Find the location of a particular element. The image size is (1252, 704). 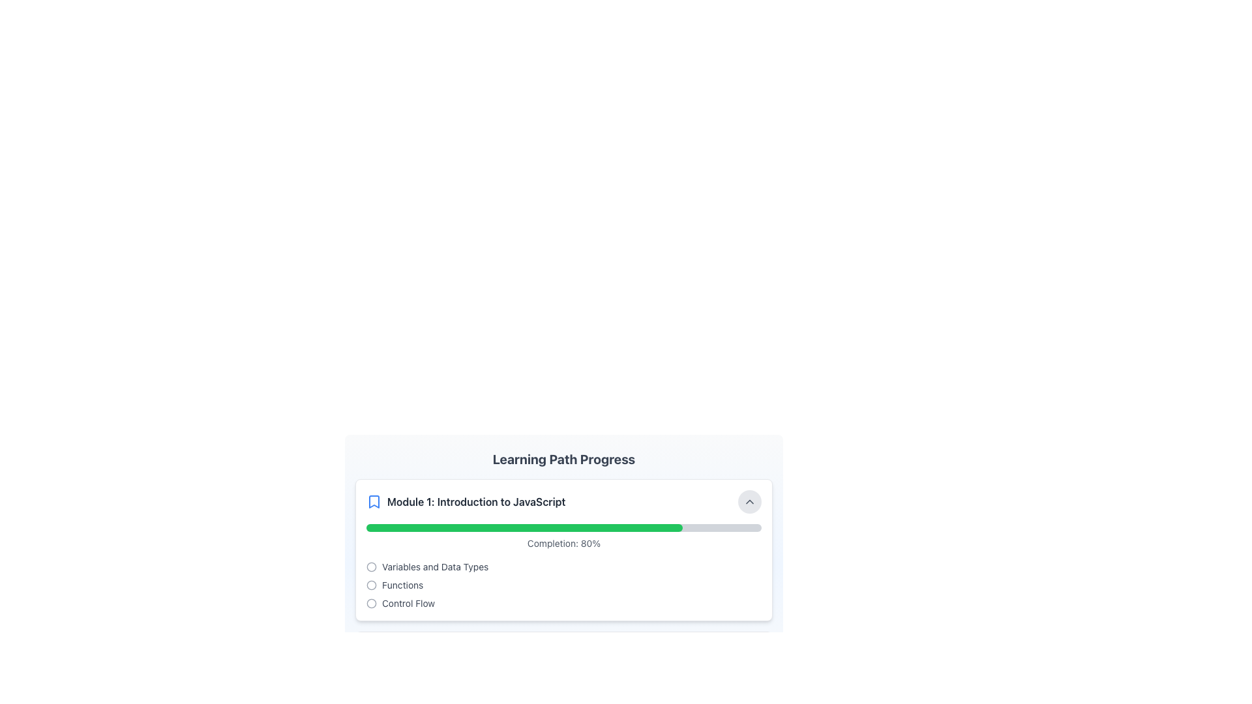

the static text label that reads 'Completion: 80%', which is located centrally at the bottom of the progress bar in the learning module card is located at coordinates (563, 543).